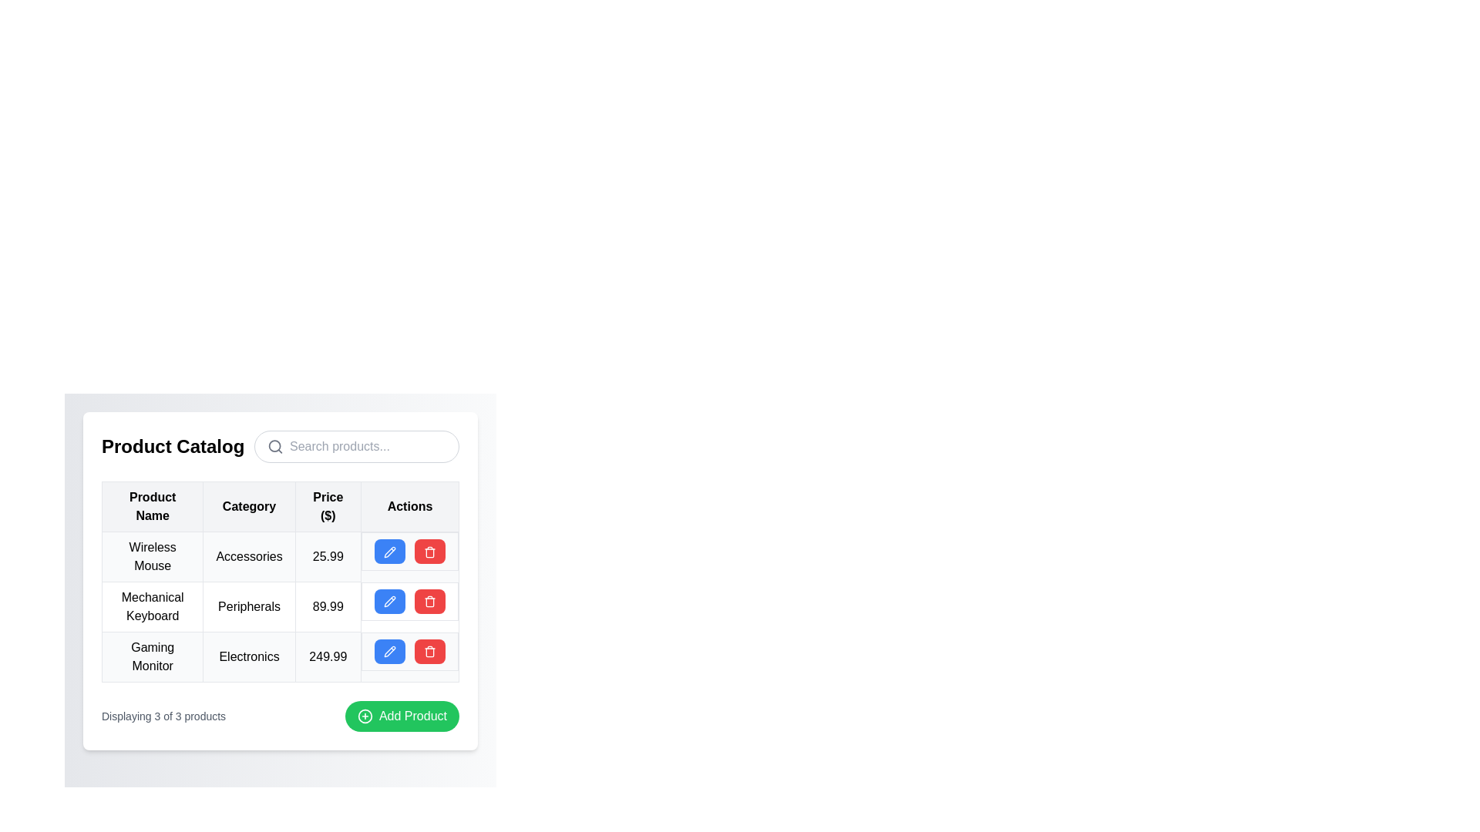  Describe the element at coordinates (389, 601) in the screenshot. I see `the pencil icon inside the blue rounded button in the 'Actions' column of the Product Catalog table` at that location.